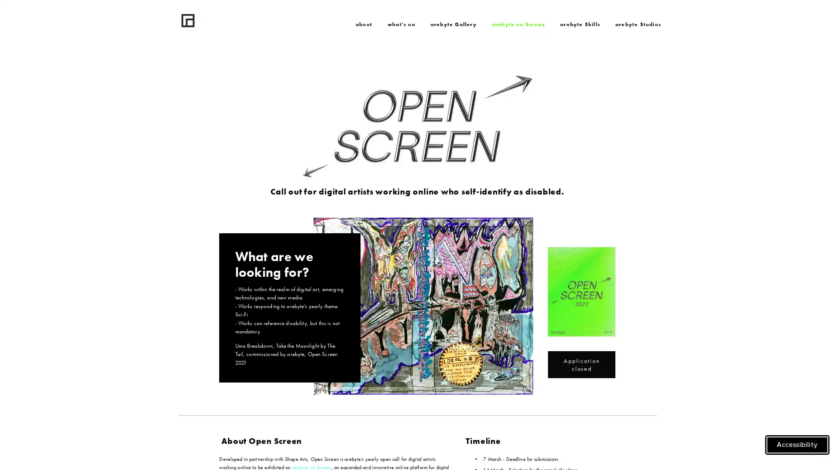 The image size is (835, 470). I want to click on Accessibility Menu, so click(797, 445).